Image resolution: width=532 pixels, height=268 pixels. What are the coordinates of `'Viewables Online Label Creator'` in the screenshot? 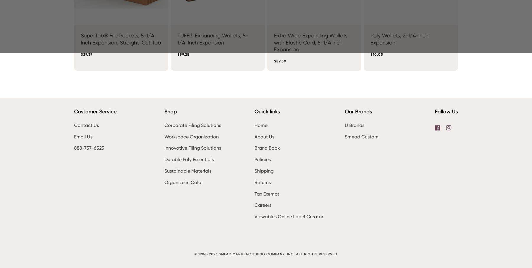 It's located at (288, 216).